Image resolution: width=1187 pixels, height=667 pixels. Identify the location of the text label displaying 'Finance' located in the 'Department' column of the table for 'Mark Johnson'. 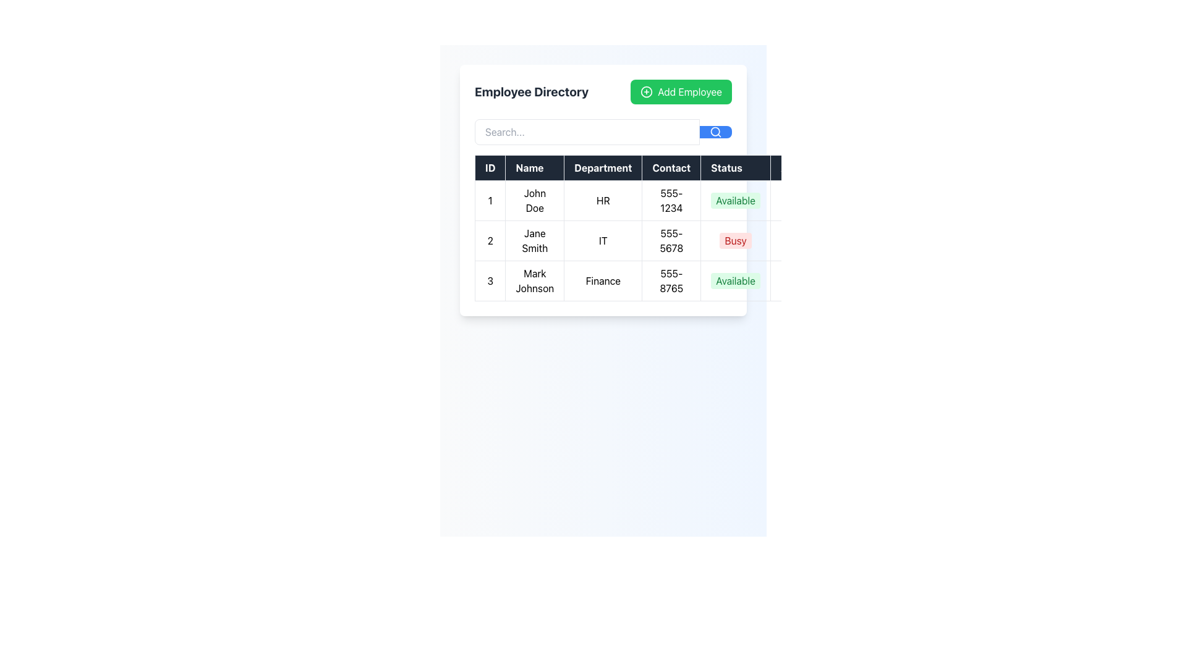
(603, 281).